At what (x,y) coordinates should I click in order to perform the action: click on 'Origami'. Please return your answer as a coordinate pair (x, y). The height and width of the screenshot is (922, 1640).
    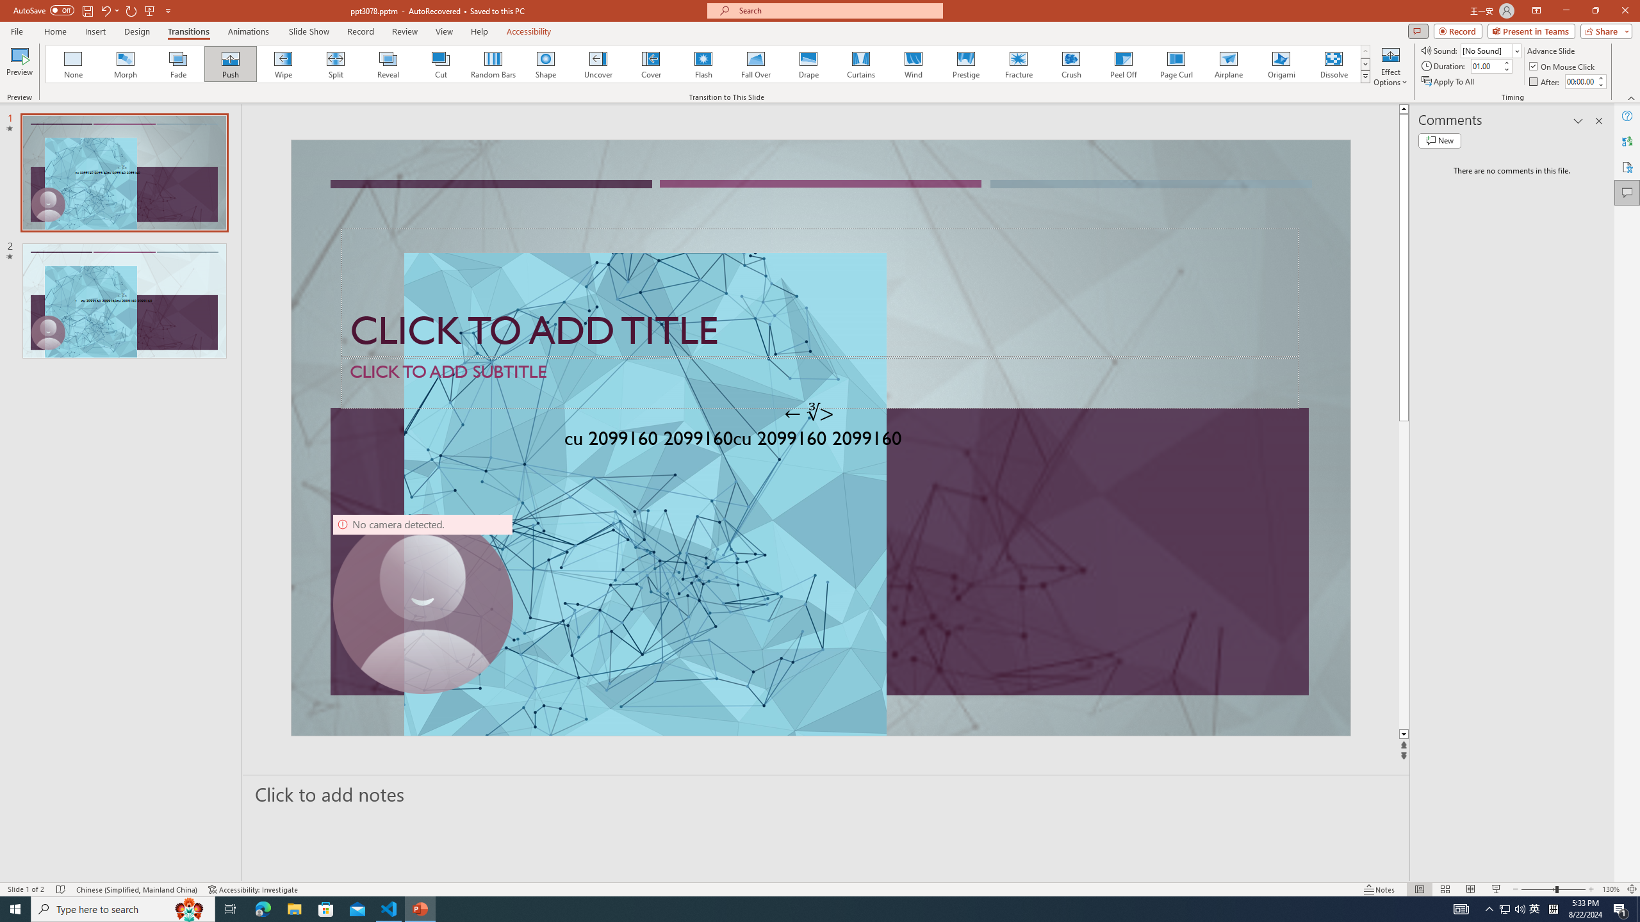
    Looking at the image, I should click on (1280, 63).